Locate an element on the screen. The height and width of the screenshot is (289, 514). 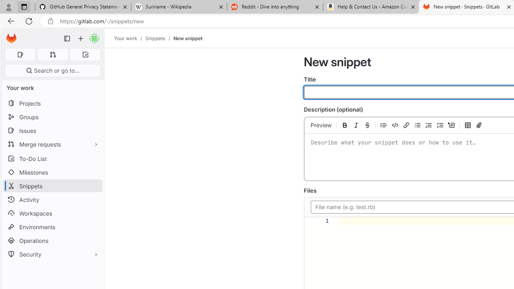
'Snippets/' is located at coordinates (159, 38).